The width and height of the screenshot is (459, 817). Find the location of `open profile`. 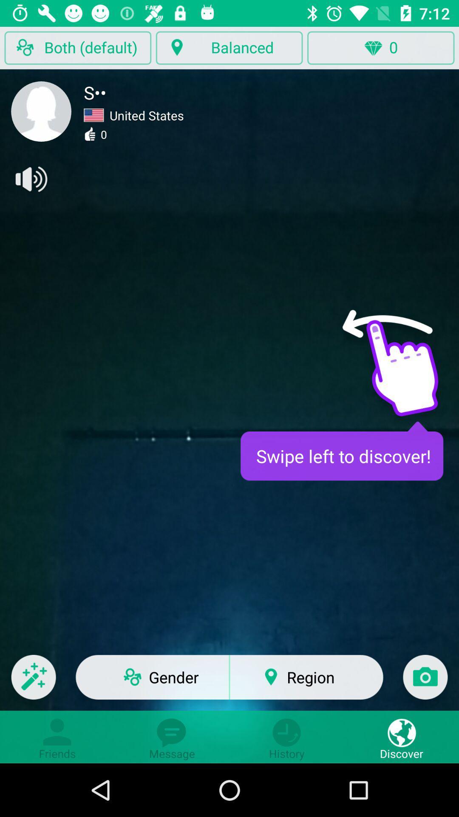

open profile is located at coordinates (41, 111).